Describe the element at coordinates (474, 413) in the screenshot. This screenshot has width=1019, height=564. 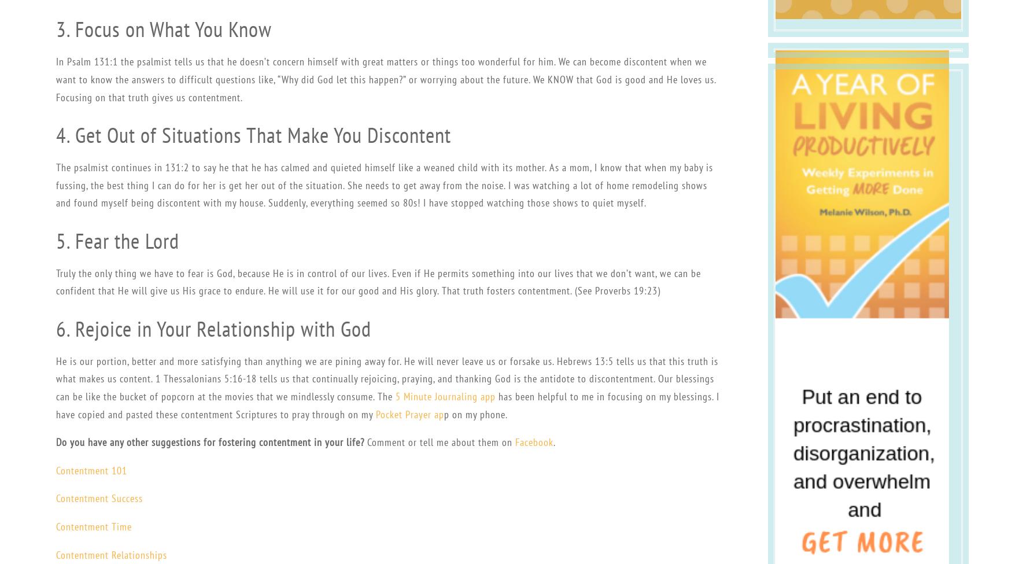
I see `'p on my phone.'` at that location.